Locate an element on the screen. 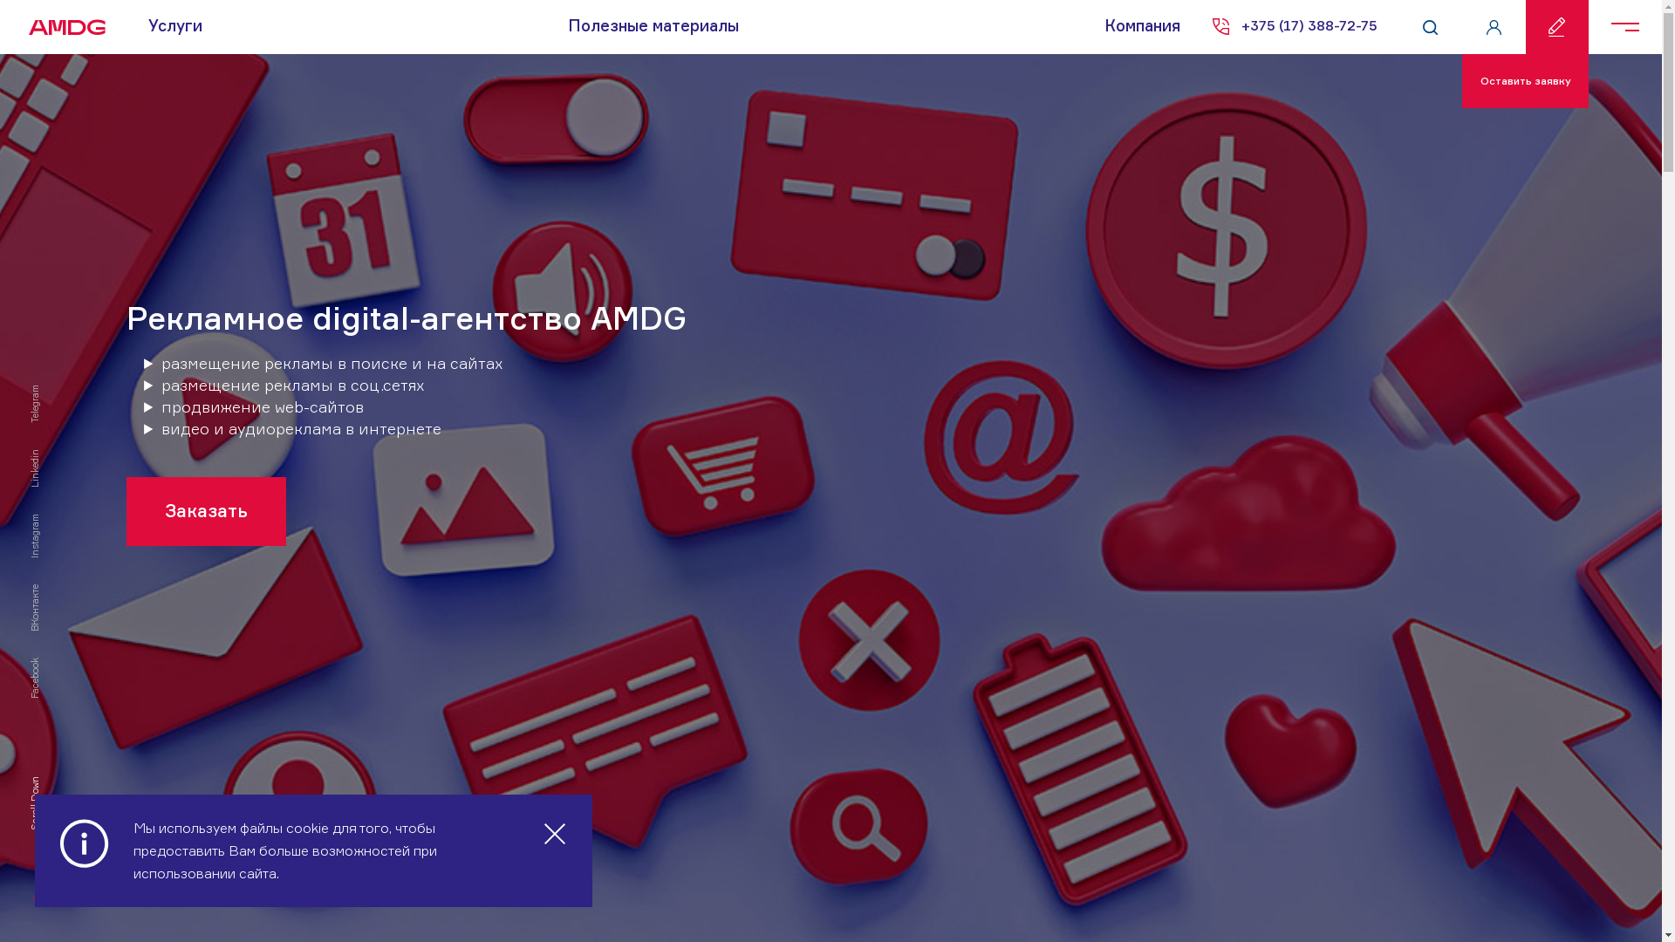 The width and height of the screenshot is (1675, 942). 'AMDG' is located at coordinates (61, 26).